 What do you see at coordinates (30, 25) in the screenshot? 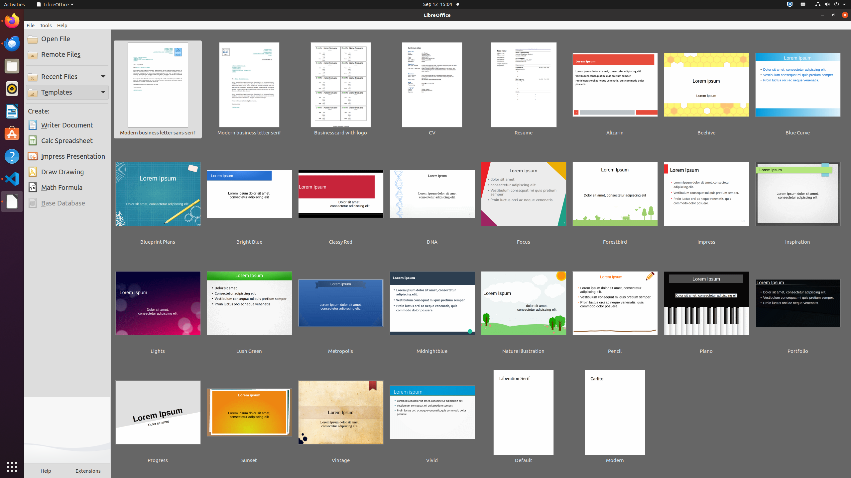
I see `'File'` at bounding box center [30, 25].